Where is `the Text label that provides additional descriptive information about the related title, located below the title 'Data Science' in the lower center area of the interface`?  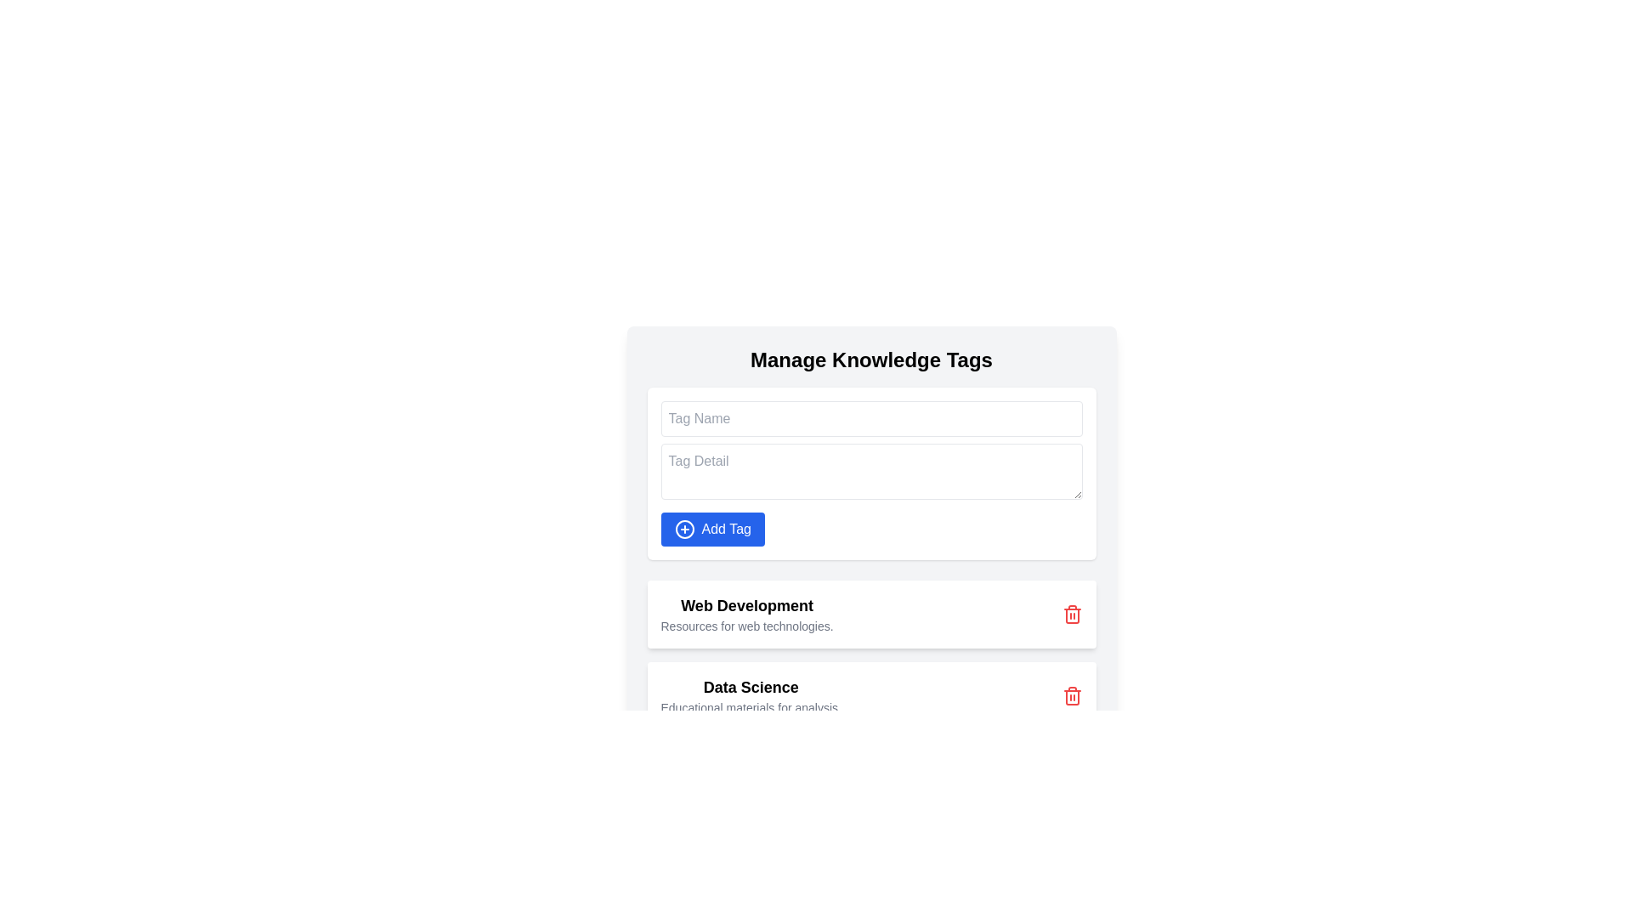 the Text label that provides additional descriptive information about the related title, located below the title 'Data Science' in the lower center area of the interface is located at coordinates (750, 708).